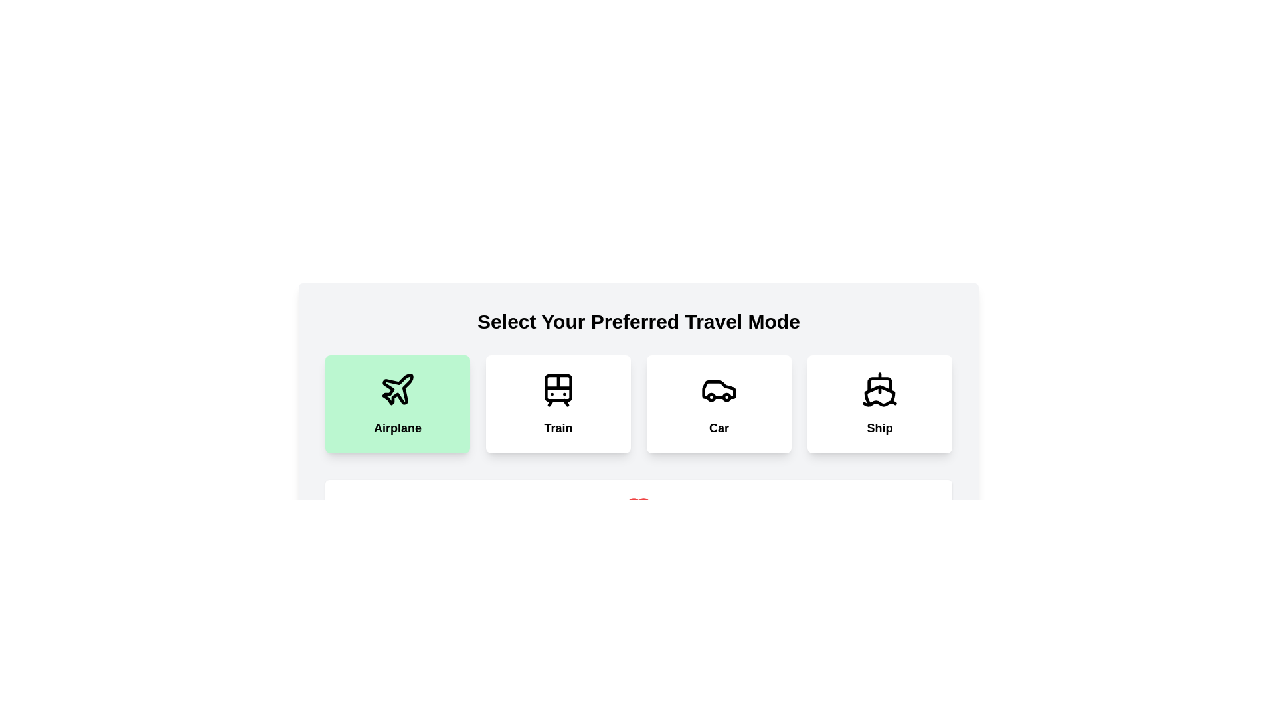 This screenshot has width=1275, height=717. What do you see at coordinates (719, 388) in the screenshot?
I see `the car icon, which is a line-drawn figure with four wheels and a roof, located centrally within the 'Car' card in the travel mode selection area` at bounding box center [719, 388].